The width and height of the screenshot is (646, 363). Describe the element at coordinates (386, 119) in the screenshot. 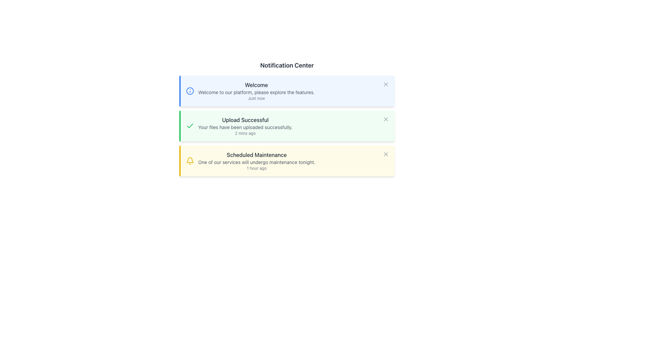

I see `the close button icon located on the far right side of the 'Upload Successful' notification` at that location.